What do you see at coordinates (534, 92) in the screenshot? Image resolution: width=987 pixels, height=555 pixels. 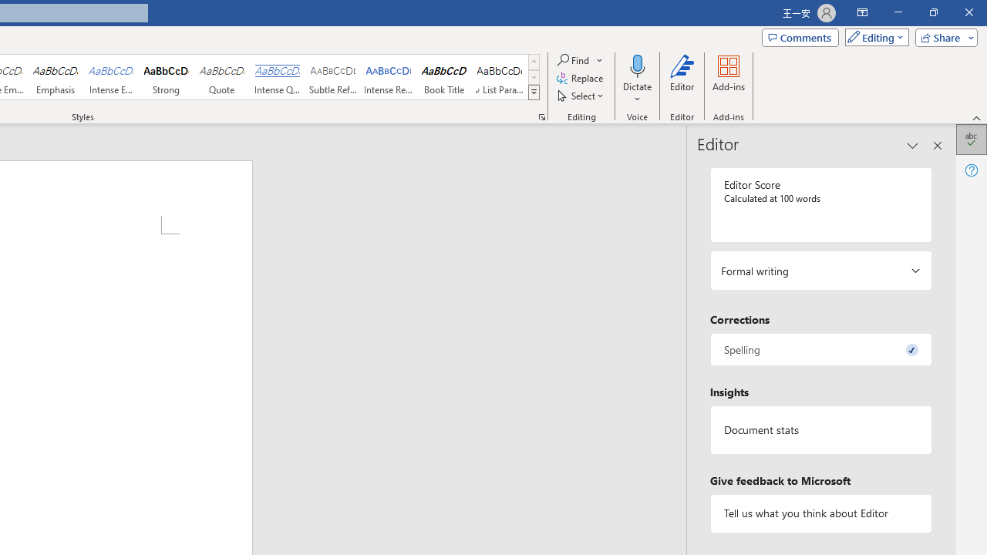 I see `'Class: NetUIImage'` at bounding box center [534, 92].